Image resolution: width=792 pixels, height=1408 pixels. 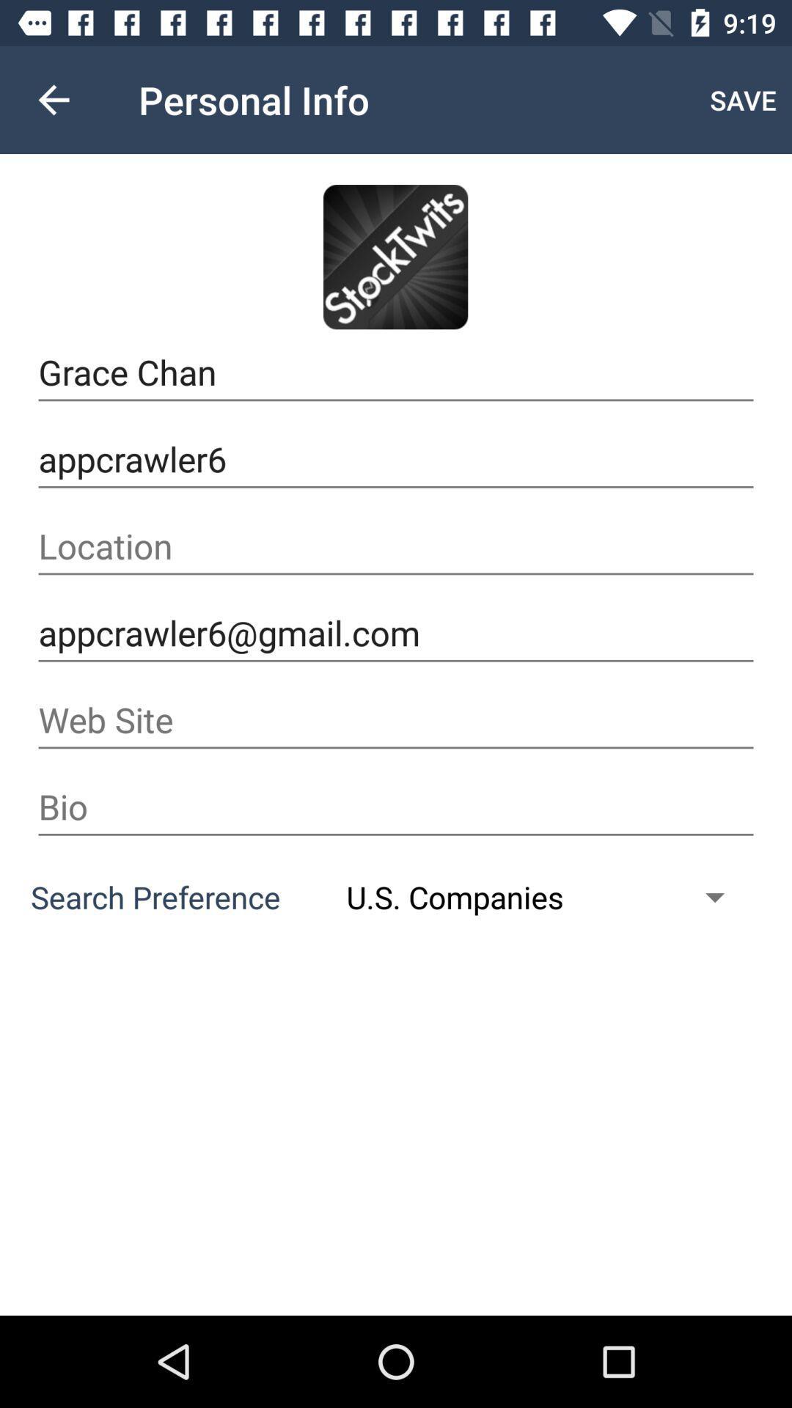 I want to click on the icon at the top right corner, so click(x=743, y=99).